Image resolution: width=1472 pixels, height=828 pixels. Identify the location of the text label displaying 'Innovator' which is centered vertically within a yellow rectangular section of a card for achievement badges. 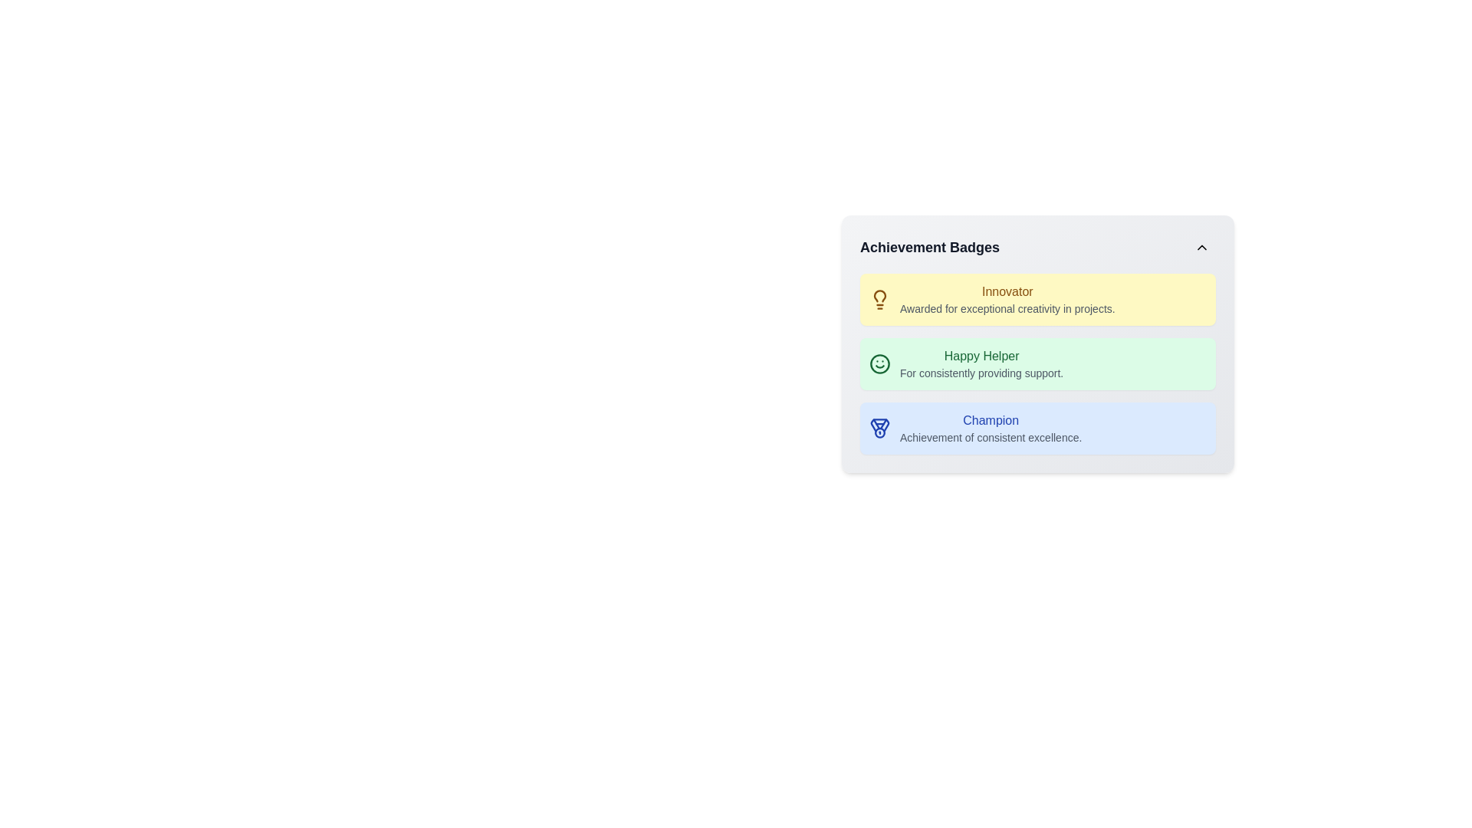
(1007, 292).